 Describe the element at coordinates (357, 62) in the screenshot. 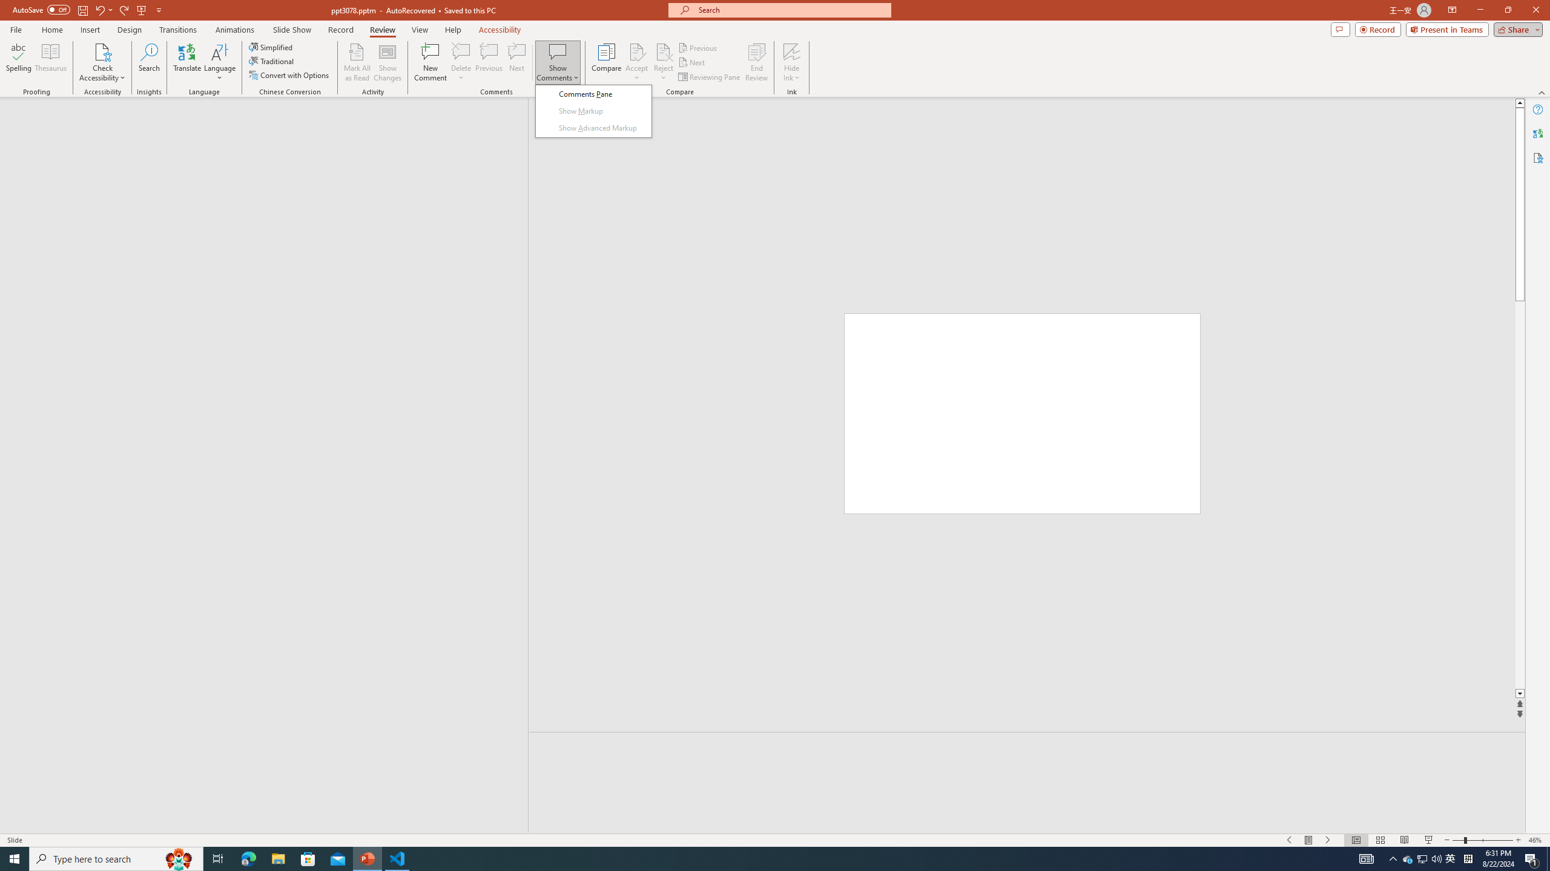

I see `'Mark All as Read'` at that location.